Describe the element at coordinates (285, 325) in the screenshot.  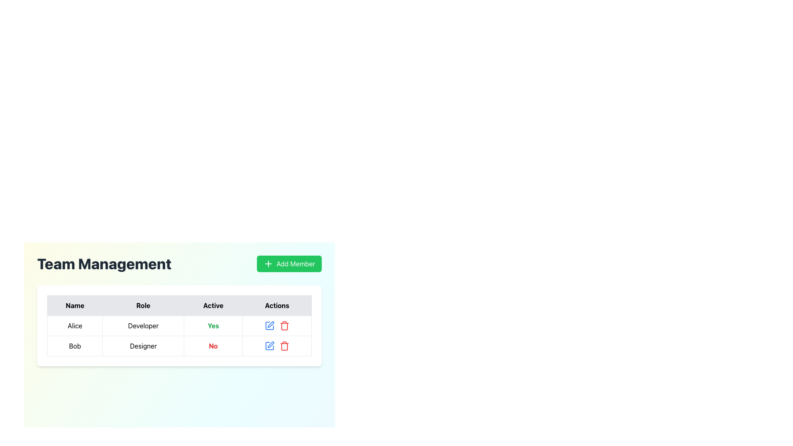
I see `the delete button` at that location.